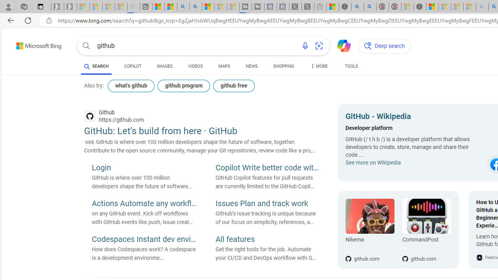 This screenshot has width=498, height=280. What do you see at coordinates (96, 66) in the screenshot?
I see `'SEARCH'` at bounding box center [96, 66].